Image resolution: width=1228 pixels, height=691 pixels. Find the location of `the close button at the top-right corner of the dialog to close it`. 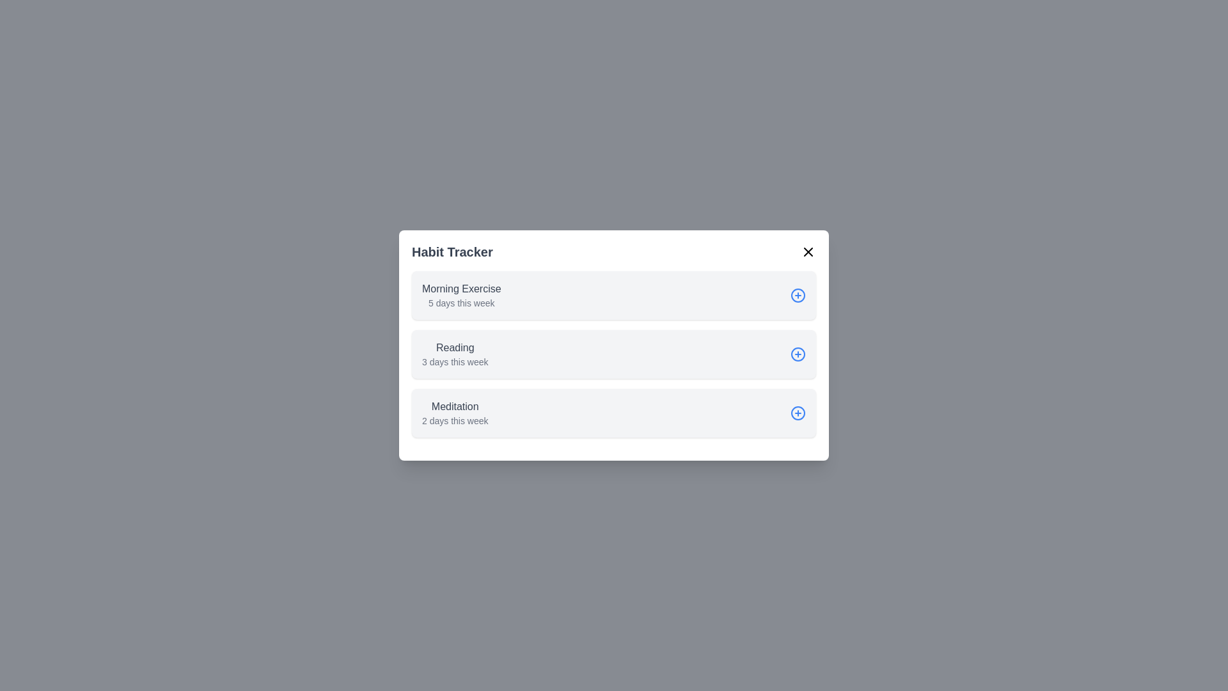

the close button at the top-right corner of the dialog to close it is located at coordinates (807, 251).